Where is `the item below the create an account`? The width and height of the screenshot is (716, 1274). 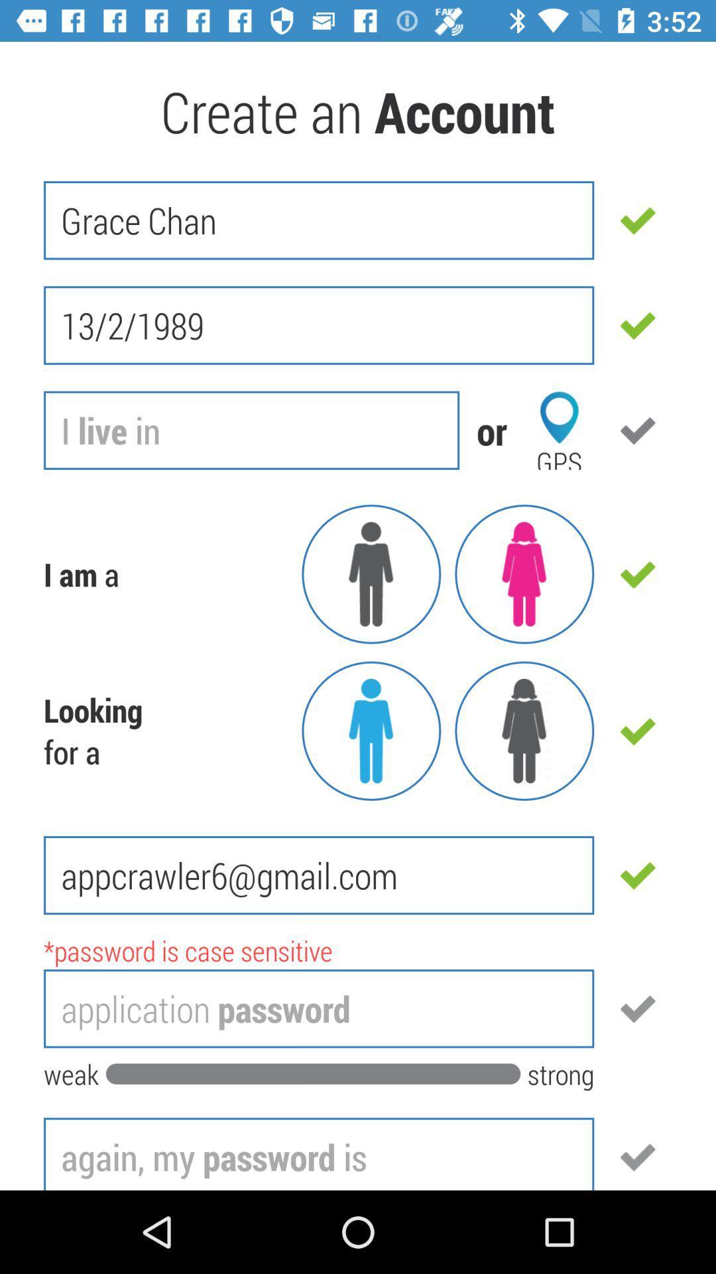 the item below the create an account is located at coordinates (319, 220).